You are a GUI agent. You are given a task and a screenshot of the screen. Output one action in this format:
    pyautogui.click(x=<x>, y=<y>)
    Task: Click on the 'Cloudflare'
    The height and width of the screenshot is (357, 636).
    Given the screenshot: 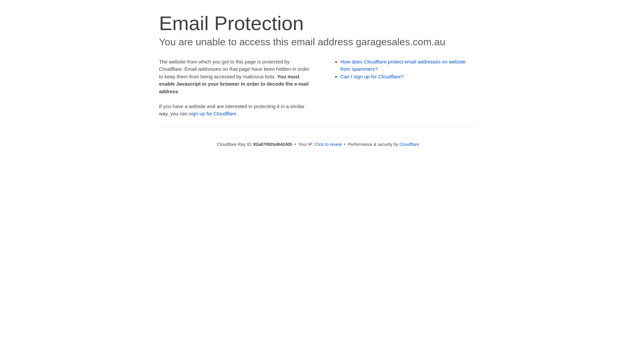 What is the action you would take?
    pyautogui.click(x=409, y=144)
    